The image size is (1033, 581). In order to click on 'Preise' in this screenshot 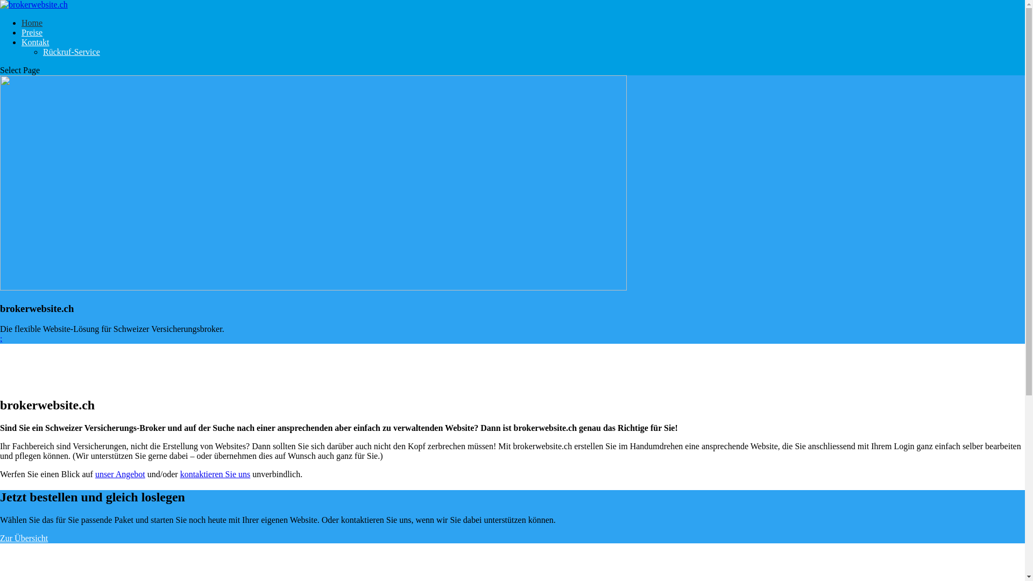, I will do `click(32, 32)`.